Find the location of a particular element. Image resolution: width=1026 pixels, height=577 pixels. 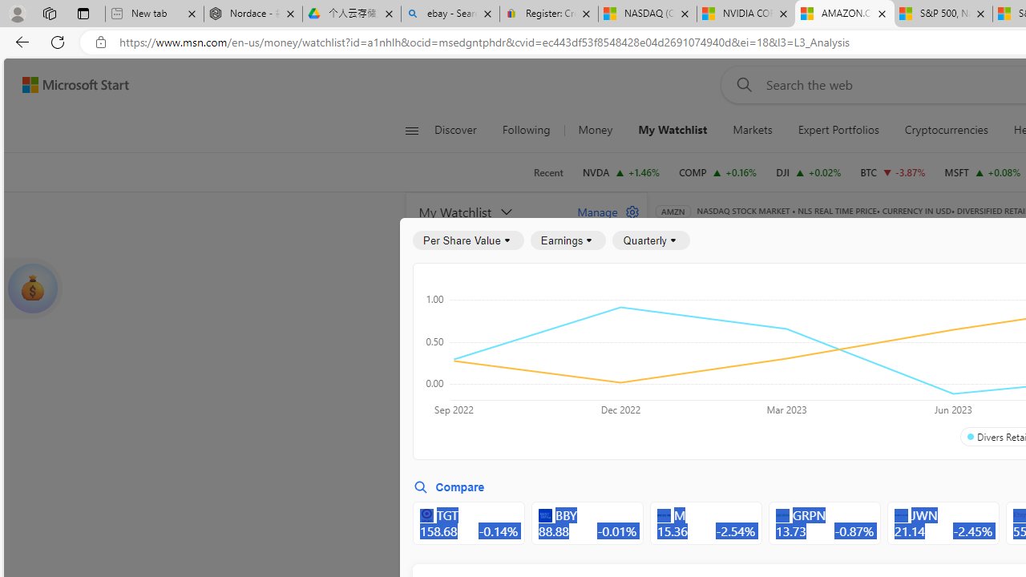

'Expert Portfolios' is located at coordinates (838, 130).